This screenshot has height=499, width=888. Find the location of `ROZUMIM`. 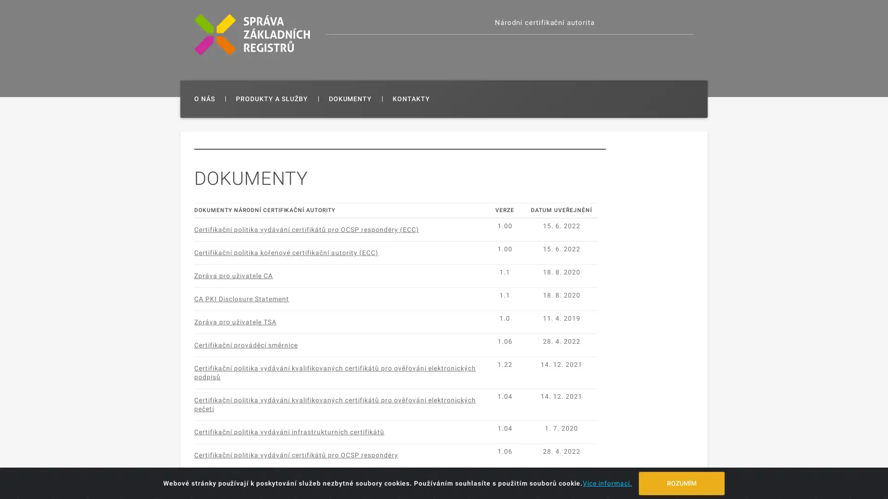

ROZUMIM is located at coordinates (681, 482).